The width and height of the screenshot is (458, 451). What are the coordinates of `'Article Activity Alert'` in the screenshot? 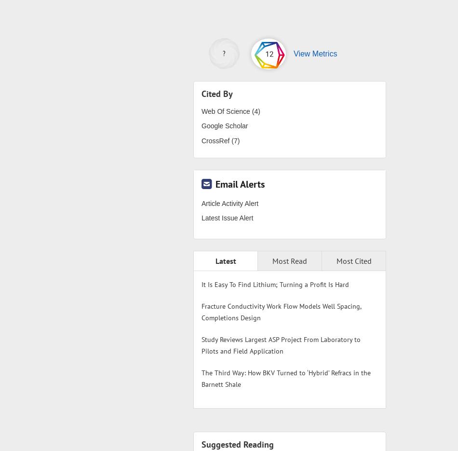 It's located at (229, 203).